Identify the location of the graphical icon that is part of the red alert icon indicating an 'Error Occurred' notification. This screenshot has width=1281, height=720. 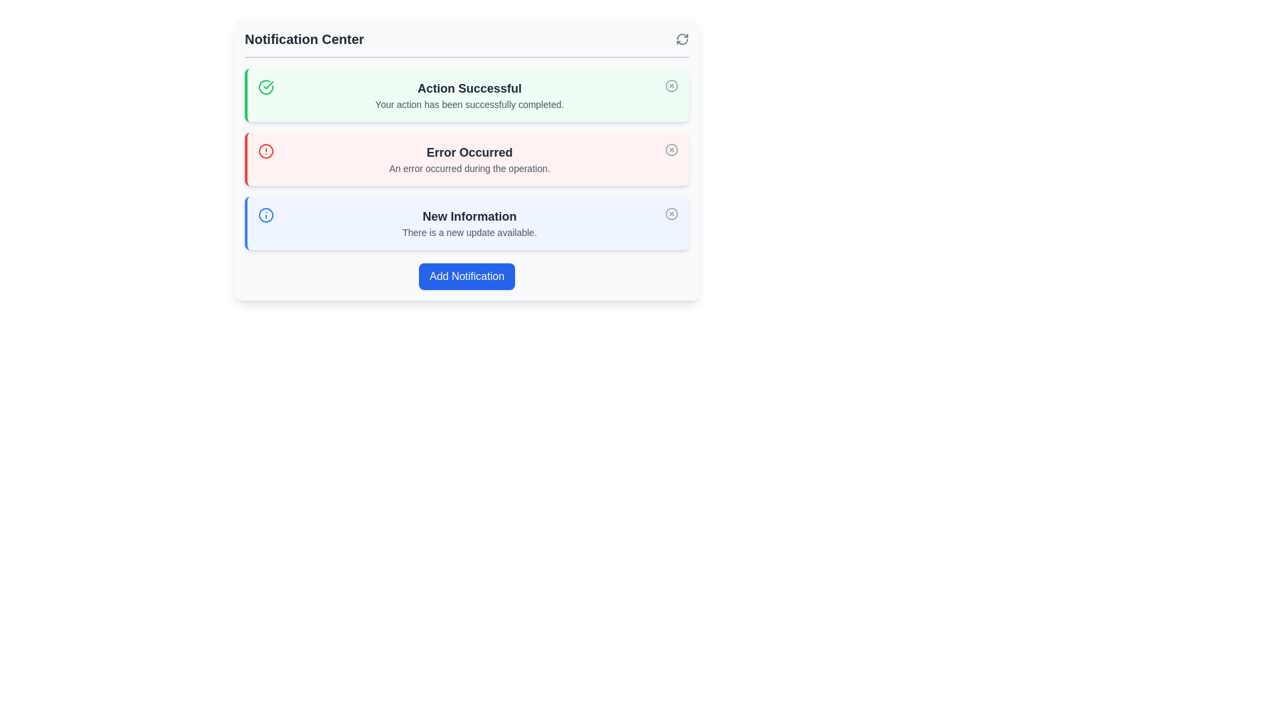
(266, 151).